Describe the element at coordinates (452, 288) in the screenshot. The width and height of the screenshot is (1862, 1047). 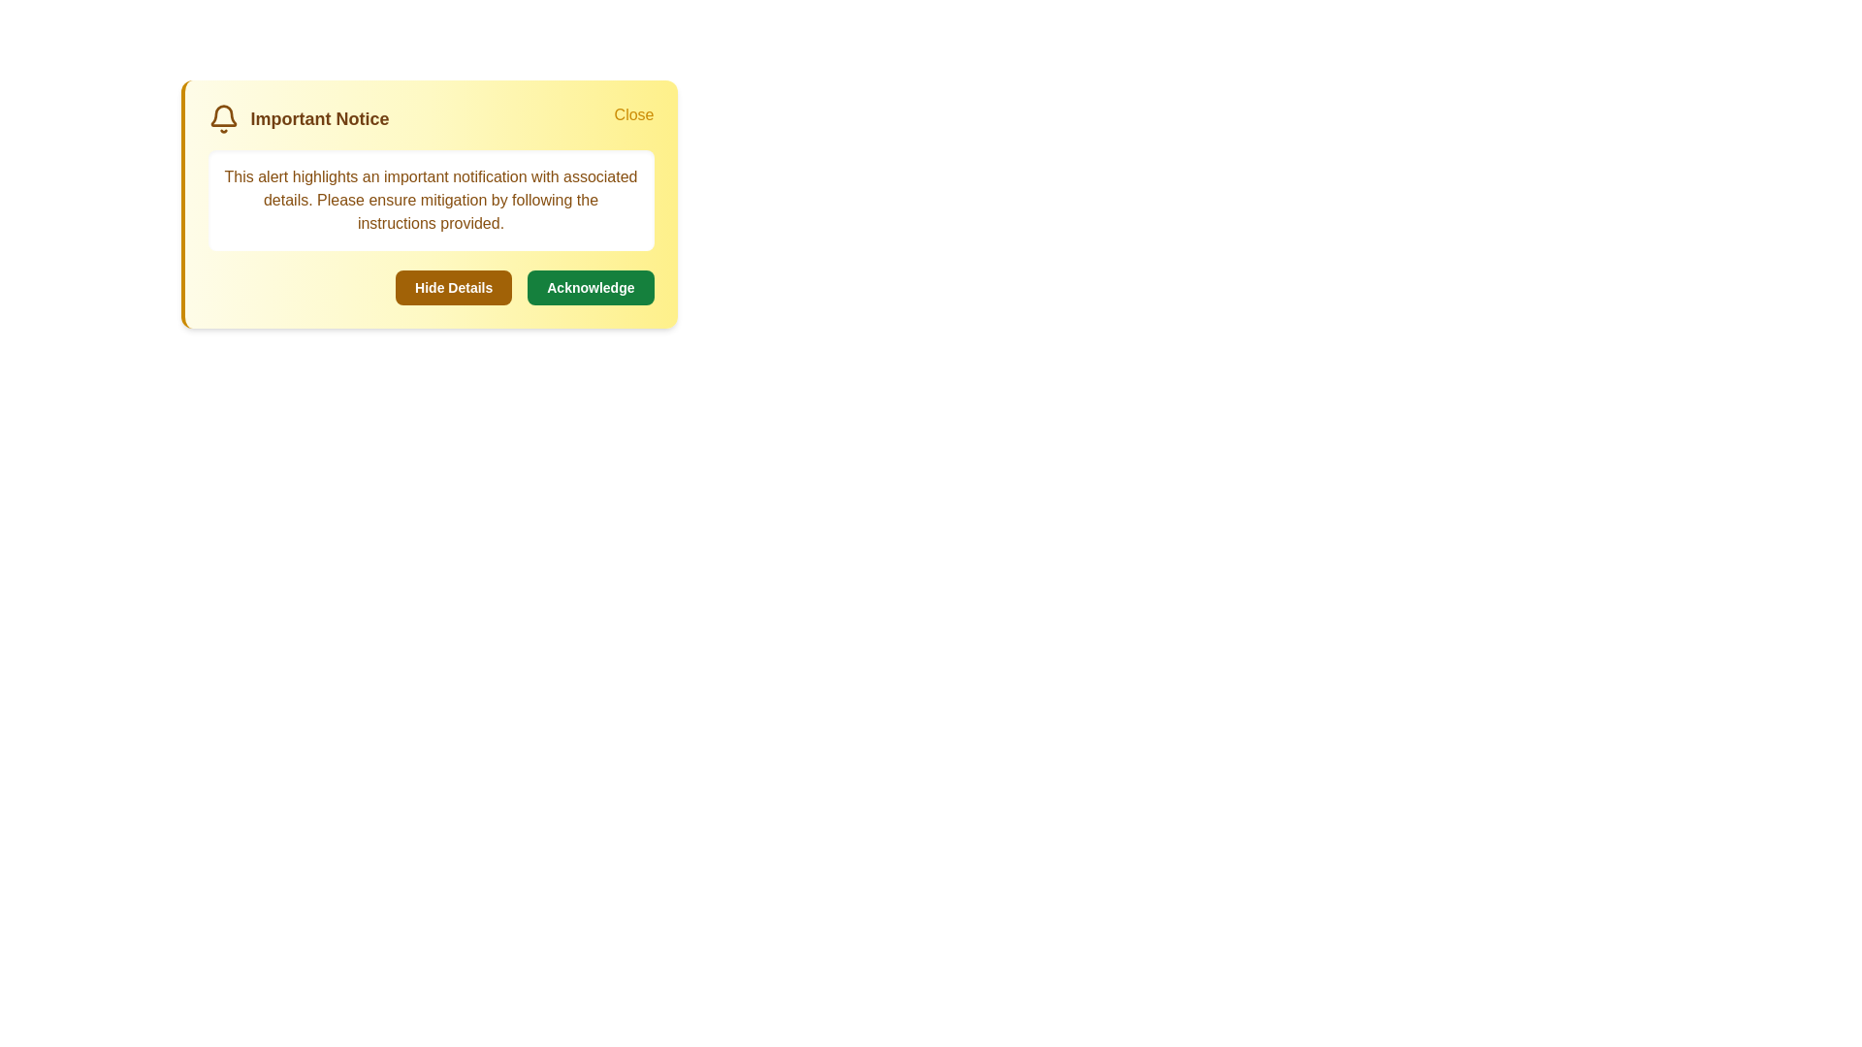
I see `'Hide Details' button to toggle the visibility of the details section` at that location.